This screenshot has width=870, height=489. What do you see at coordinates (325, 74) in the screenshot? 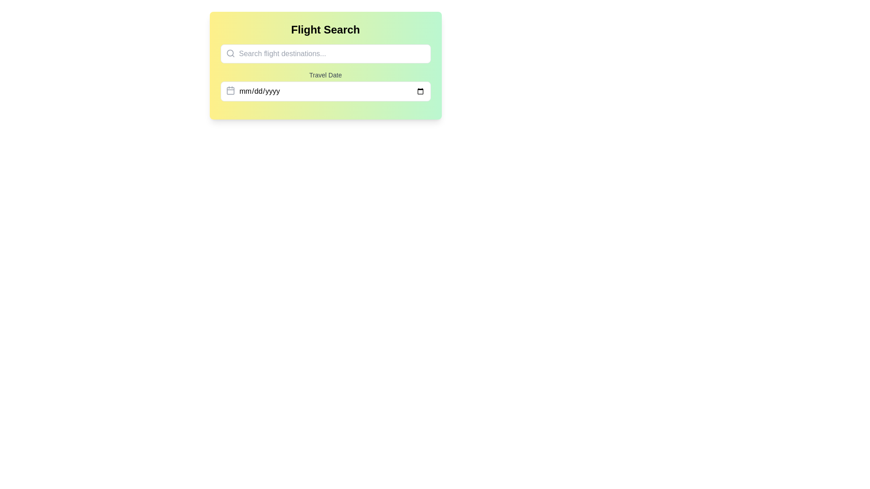
I see `the 'Travel Date' text label, which is styled in gray and located above the date input field in the 'Flight Search' section` at bounding box center [325, 74].